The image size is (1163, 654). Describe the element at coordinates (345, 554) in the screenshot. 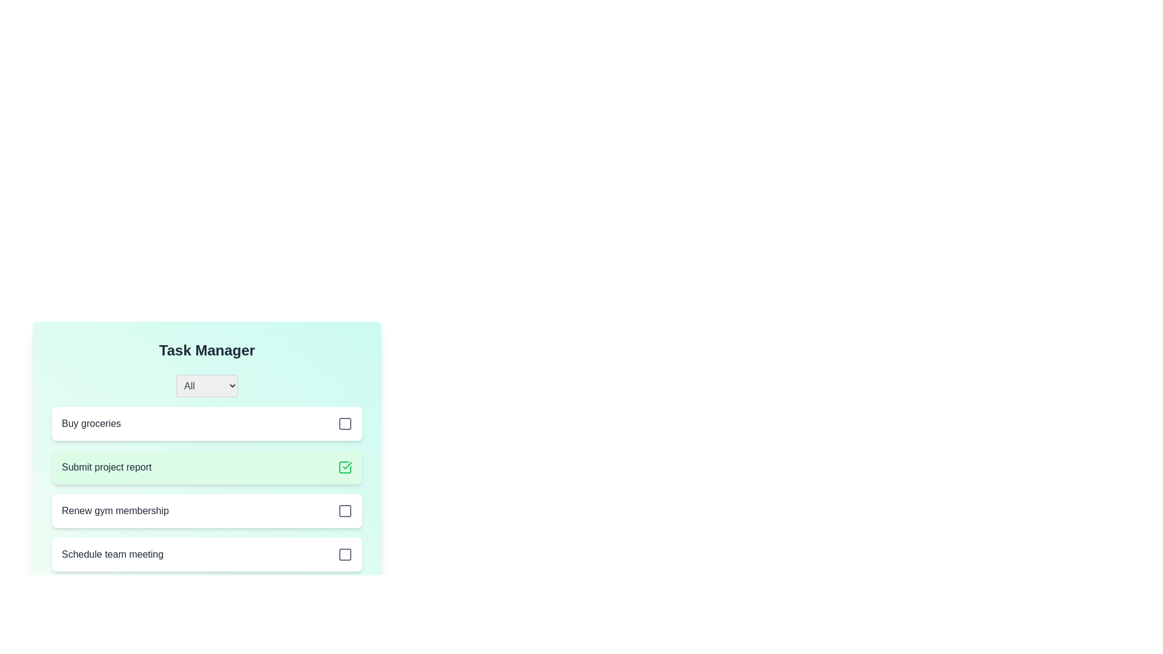

I see `the checkbox of the task titled 'Schedule team meeting' to toggle its completion status` at that location.